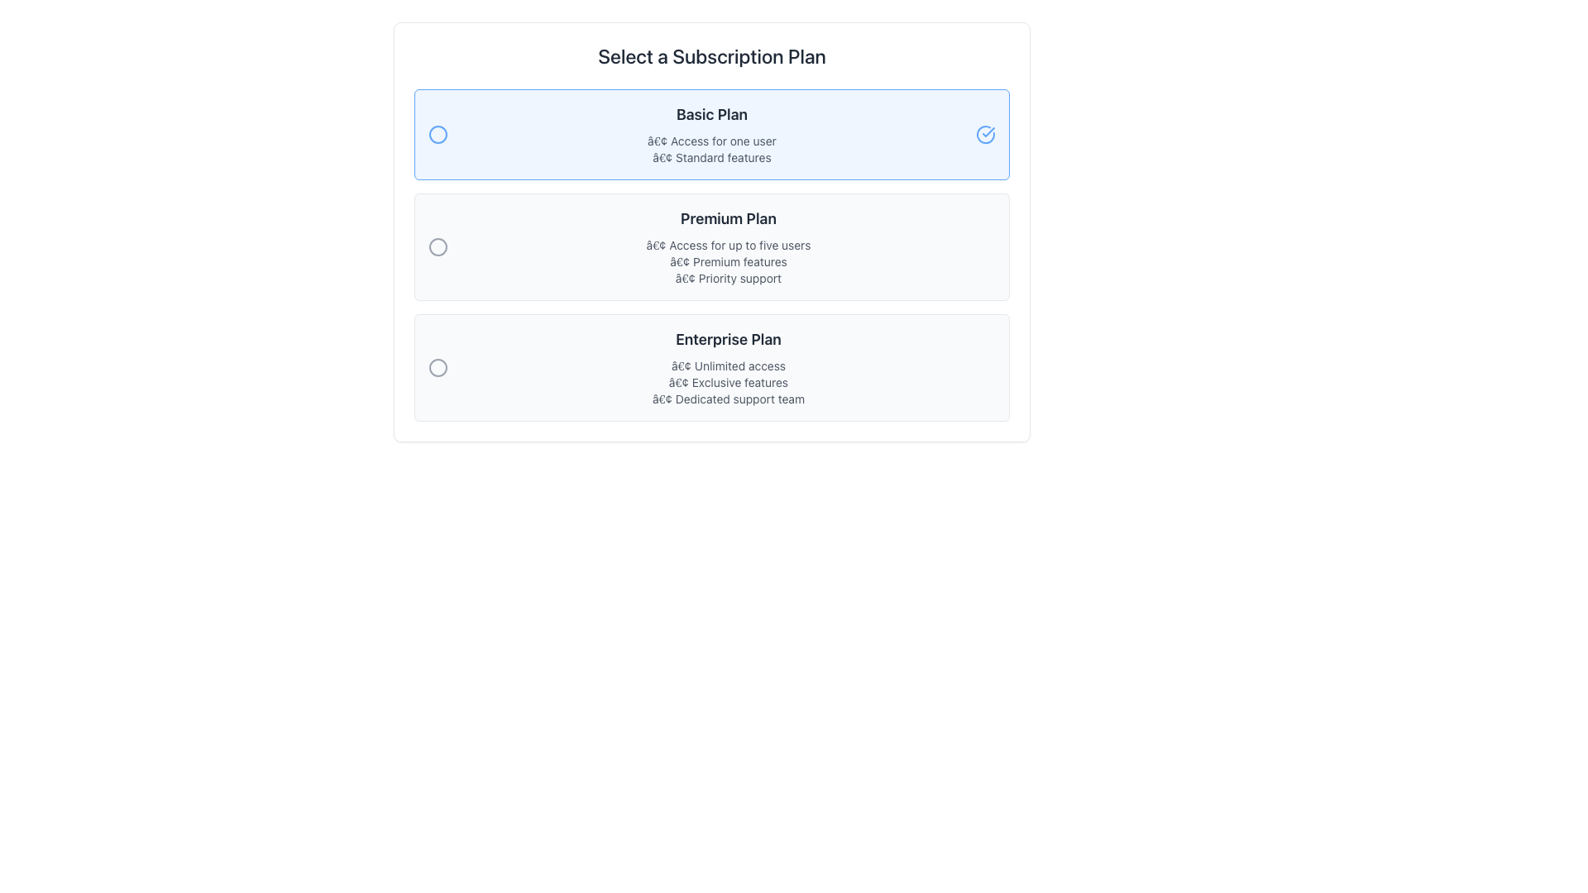 This screenshot has height=893, width=1588. Describe the element at coordinates (728, 277) in the screenshot. I see `the text element displaying '• Priority support,' which is the last item in the bulleted list under the 'Premium Plan' panel` at that location.